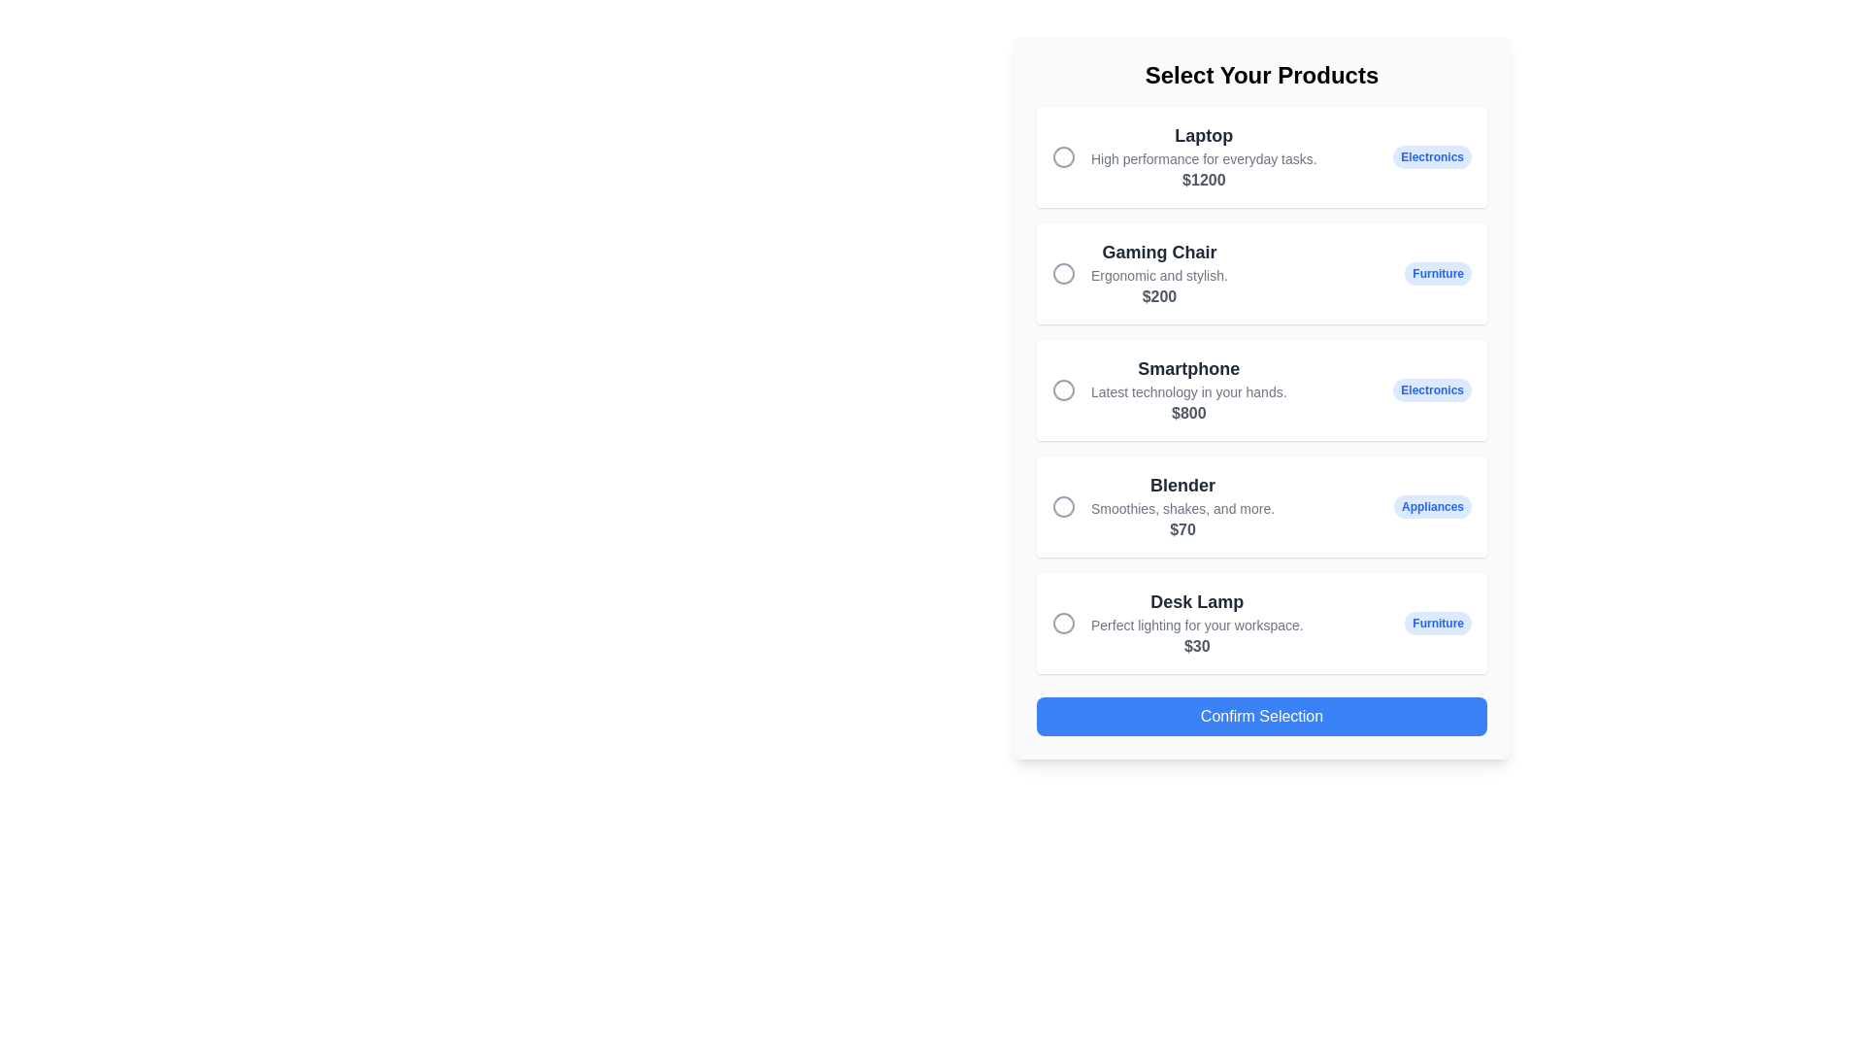 The image size is (1864, 1049). Describe the element at coordinates (1187, 392) in the screenshot. I see `the static text element that reads 'Latest technology in your hands', which is styled in a smaller, gray-colored font and positioned below the title 'Smartphone' and above the price '$800'` at that location.